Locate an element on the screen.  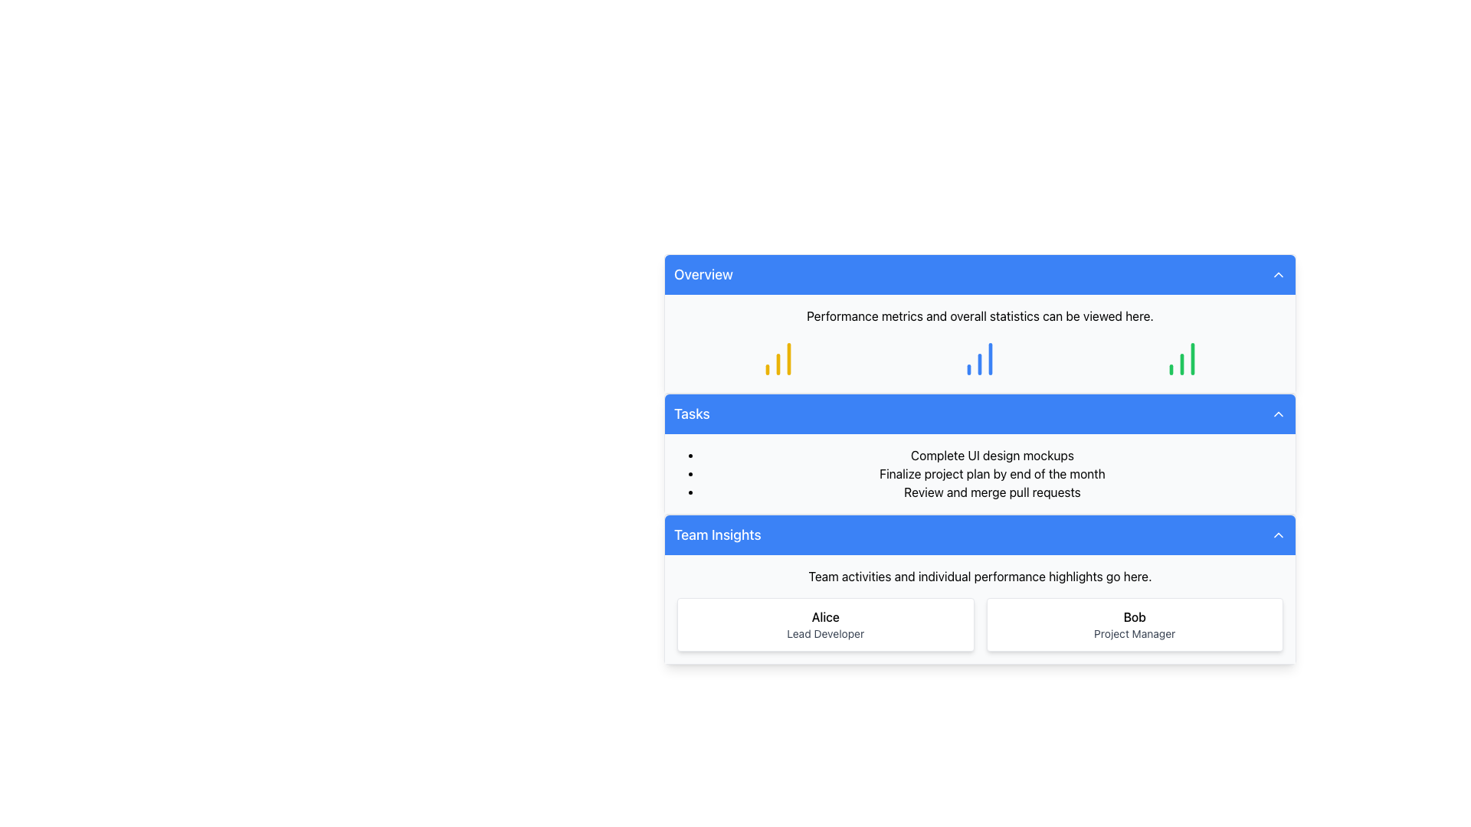
the small upward arrow icon button in the top-right corner of the 'Tasks' header is located at coordinates (1279, 413).